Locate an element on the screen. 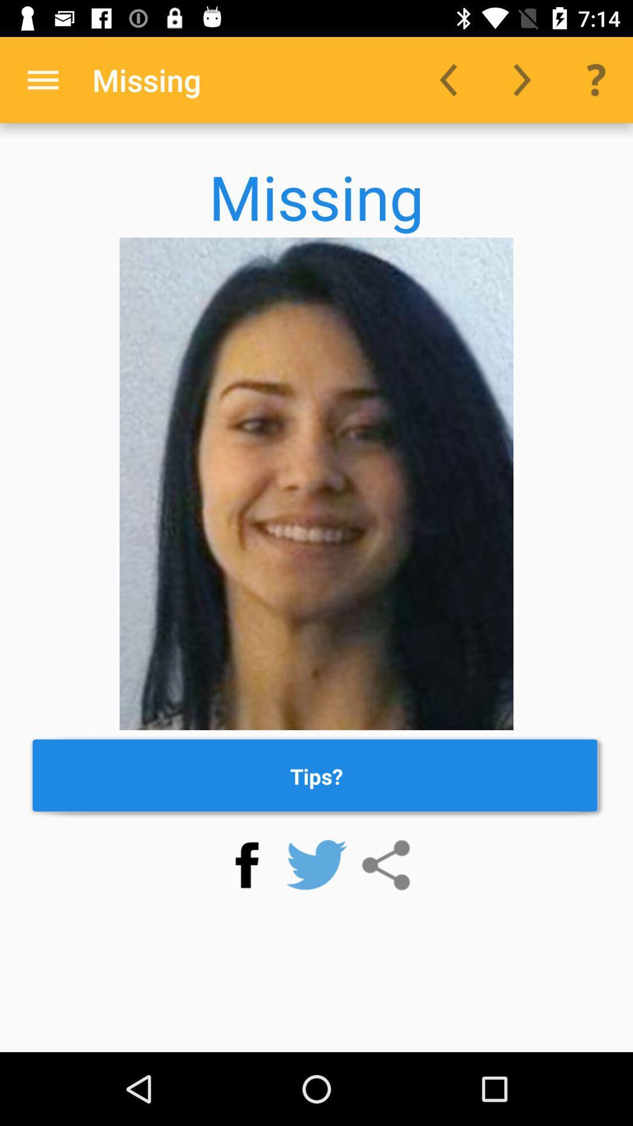 This screenshot has height=1126, width=633. the share icon is located at coordinates (386, 865).